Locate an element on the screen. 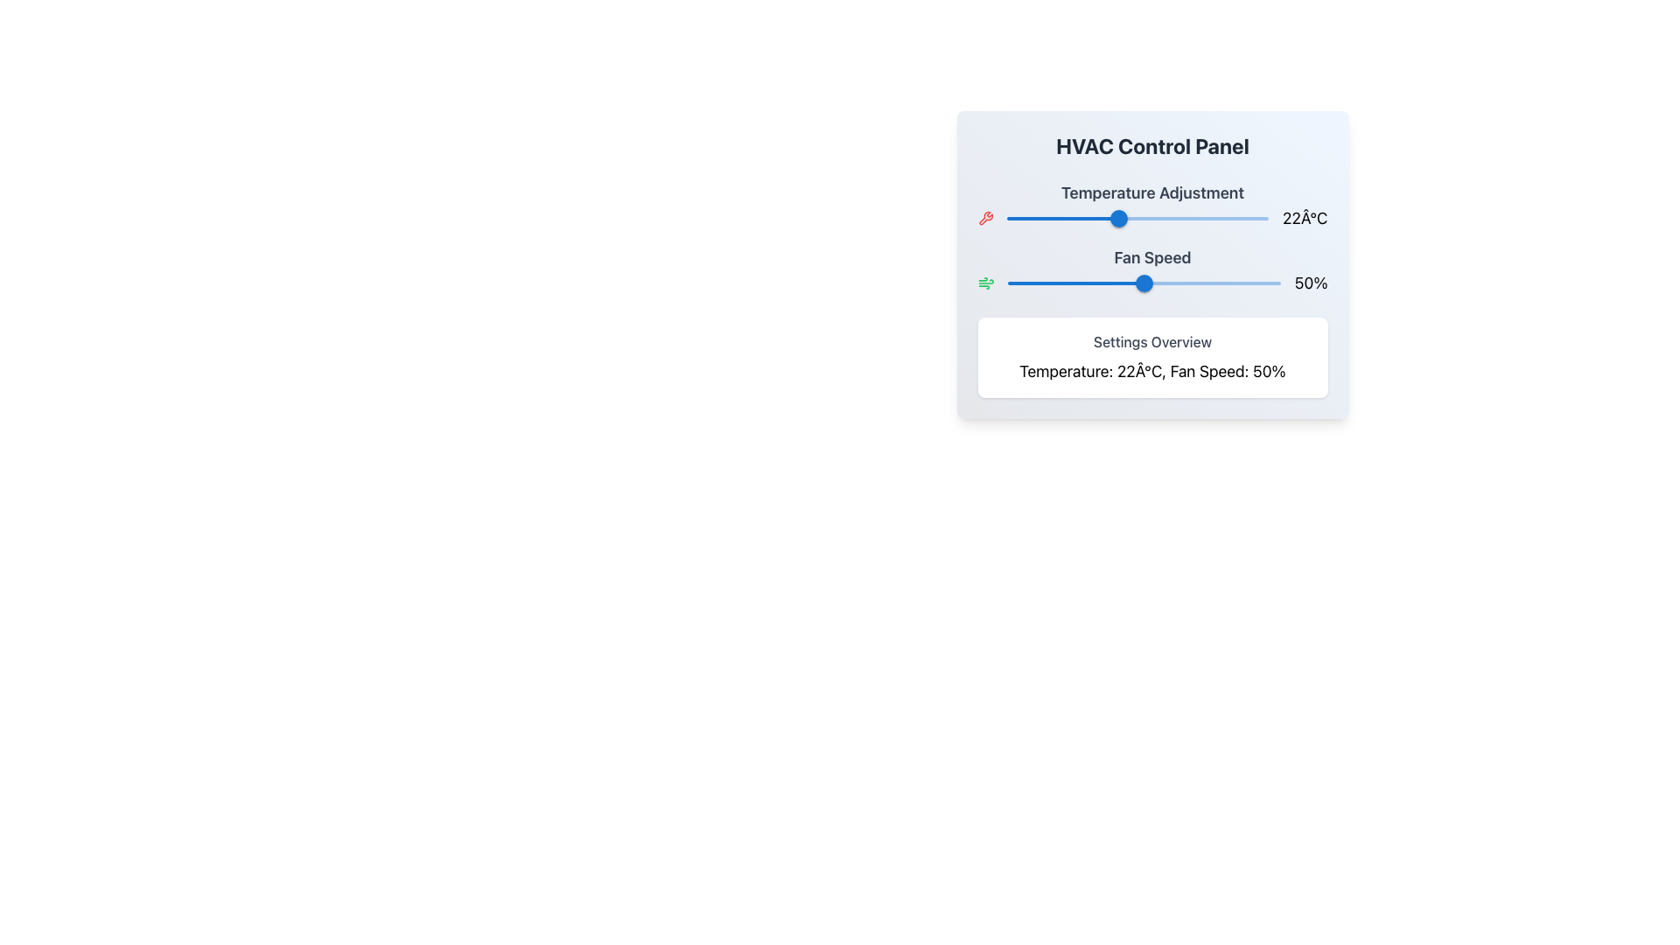 This screenshot has width=1680, height=945. the temperature slider is located at coordinates (1158, 218).